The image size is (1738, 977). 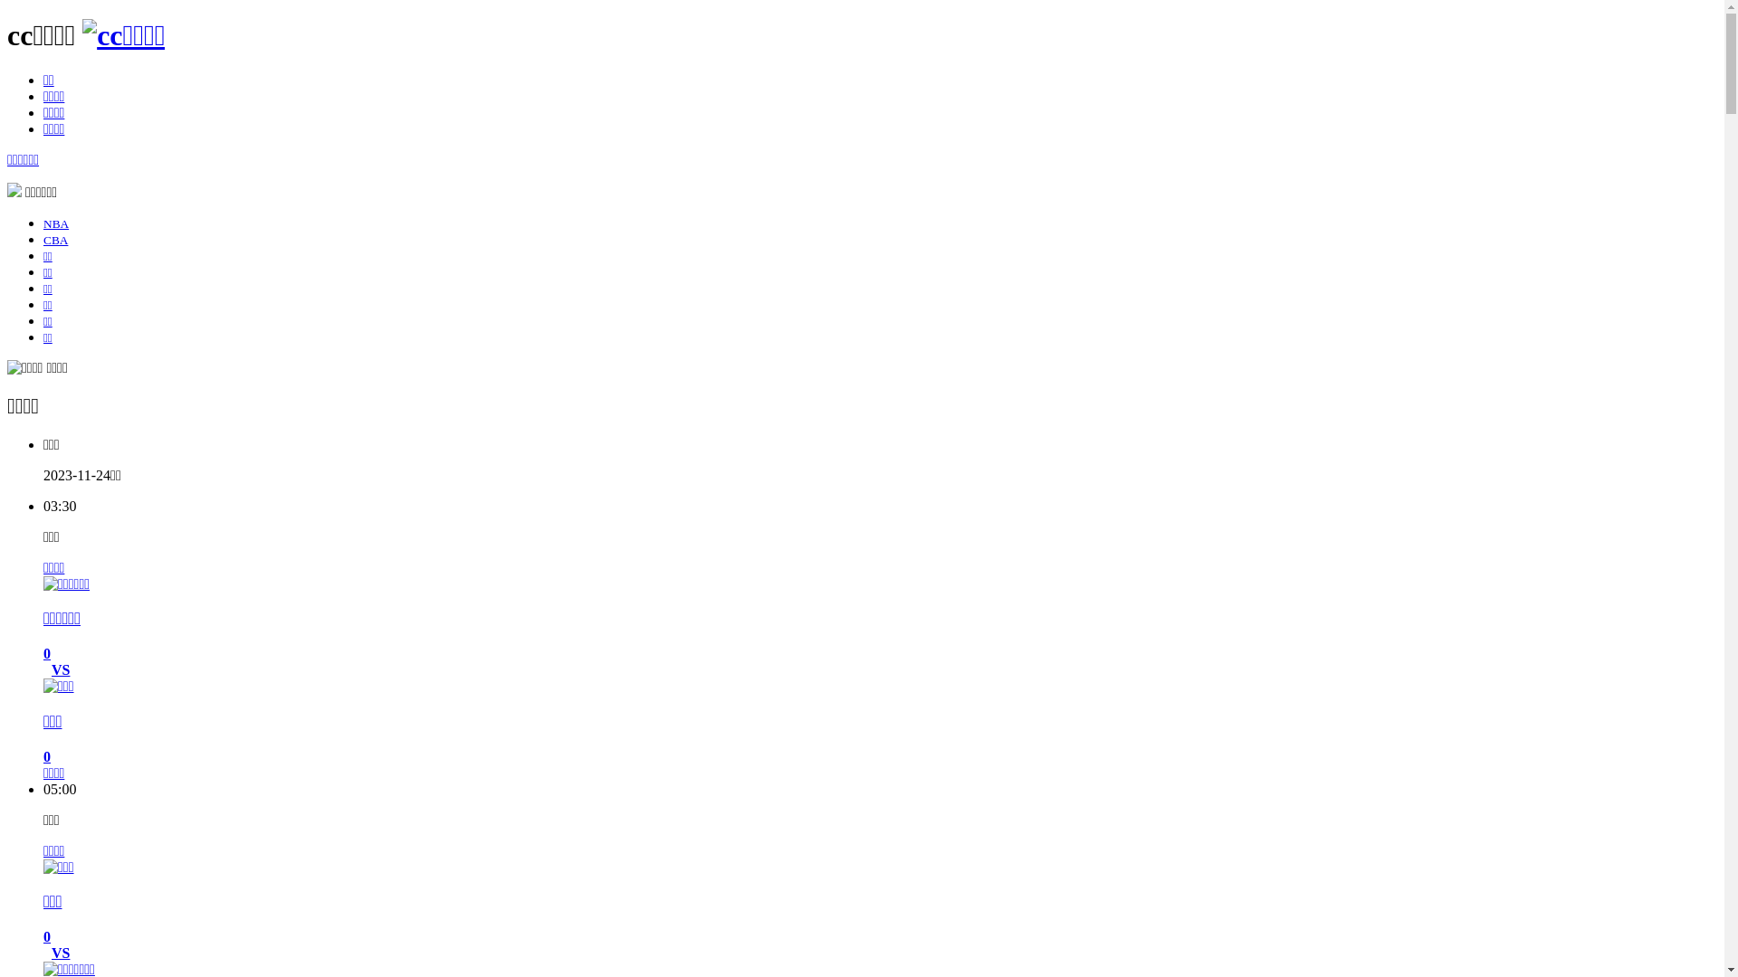 What do you see at coordinates (55, 239) in the screenshot?
I see `'CBA'` at bounding box center [55, 239].